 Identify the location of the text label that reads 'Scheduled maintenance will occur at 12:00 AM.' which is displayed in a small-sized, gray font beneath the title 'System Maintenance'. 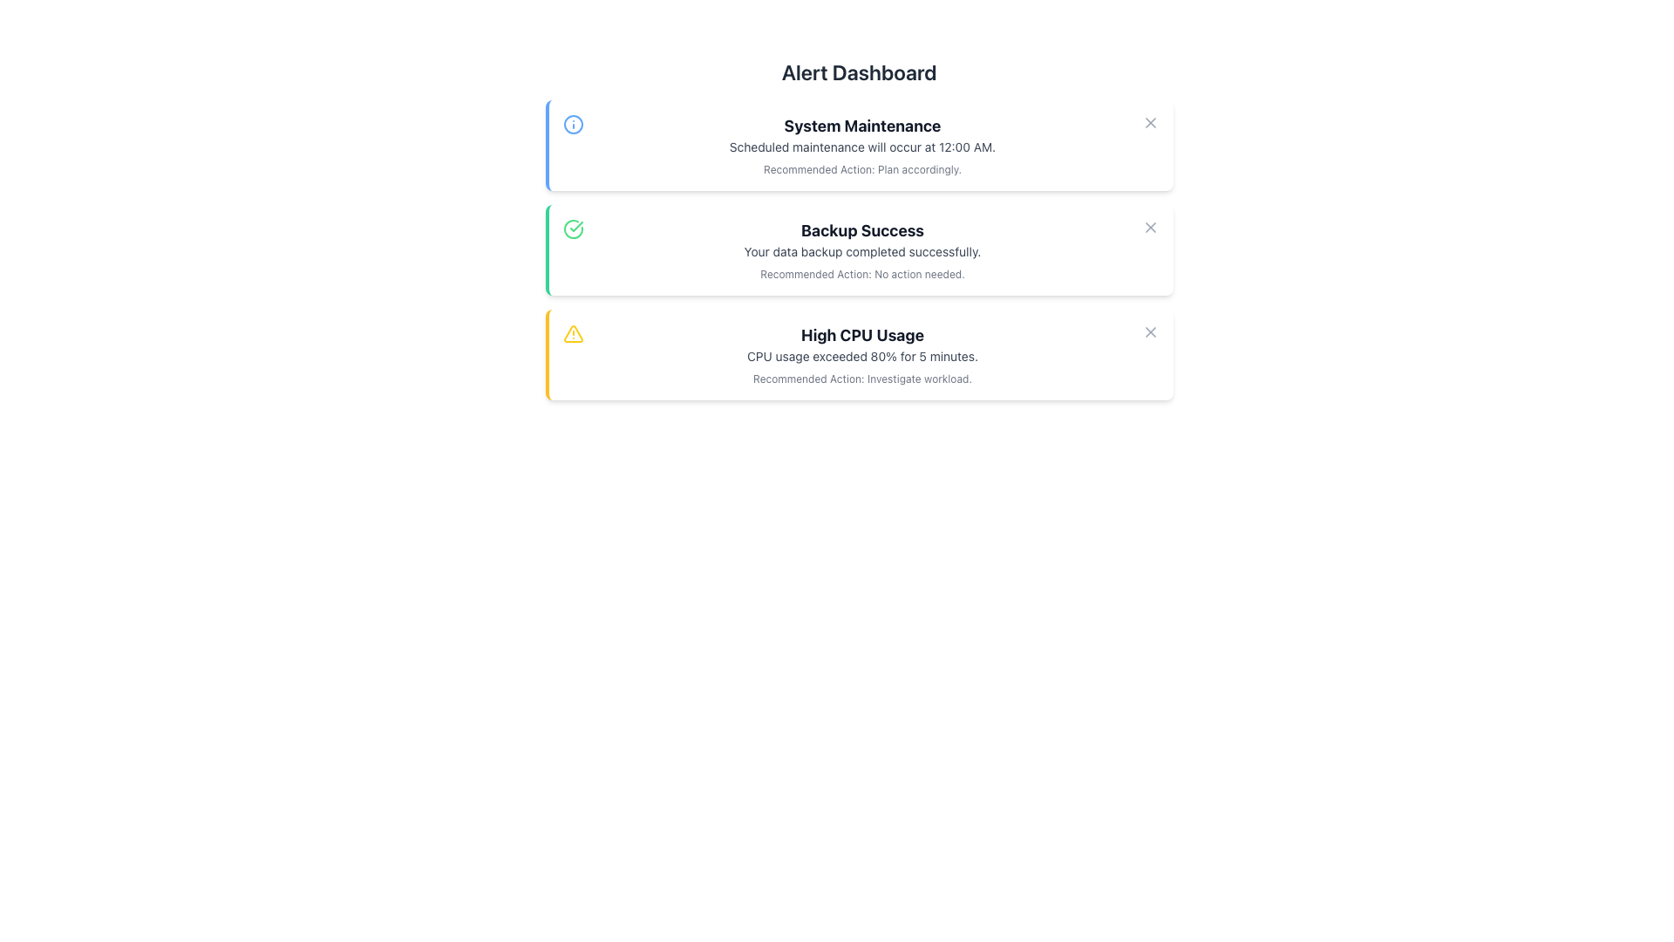
(862, 147).